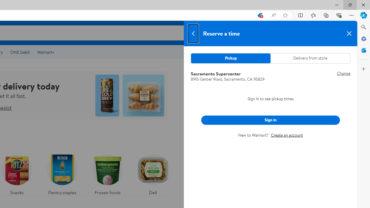 Image resolution: width=370 pixels, height=208 pixels. What do you see at coordinates (287, 135) in the screenshot?
I see `'Create an account'` at bounding box center [287, 135].